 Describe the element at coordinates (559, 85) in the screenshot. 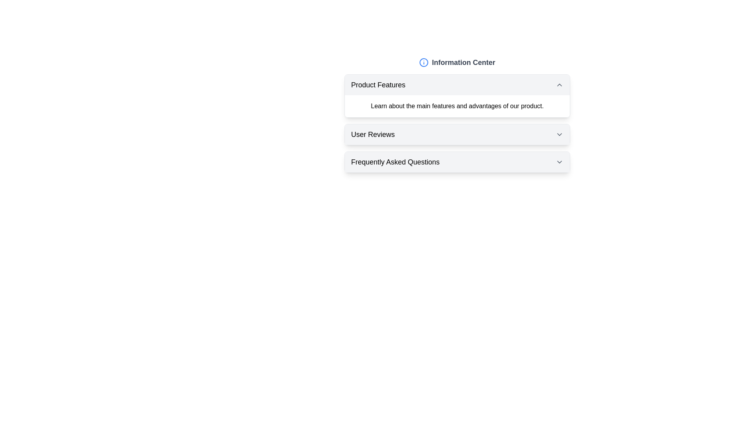

I see `the small upward arrow icon located at the top-right corner of the 'Product Features' section header` at that location.